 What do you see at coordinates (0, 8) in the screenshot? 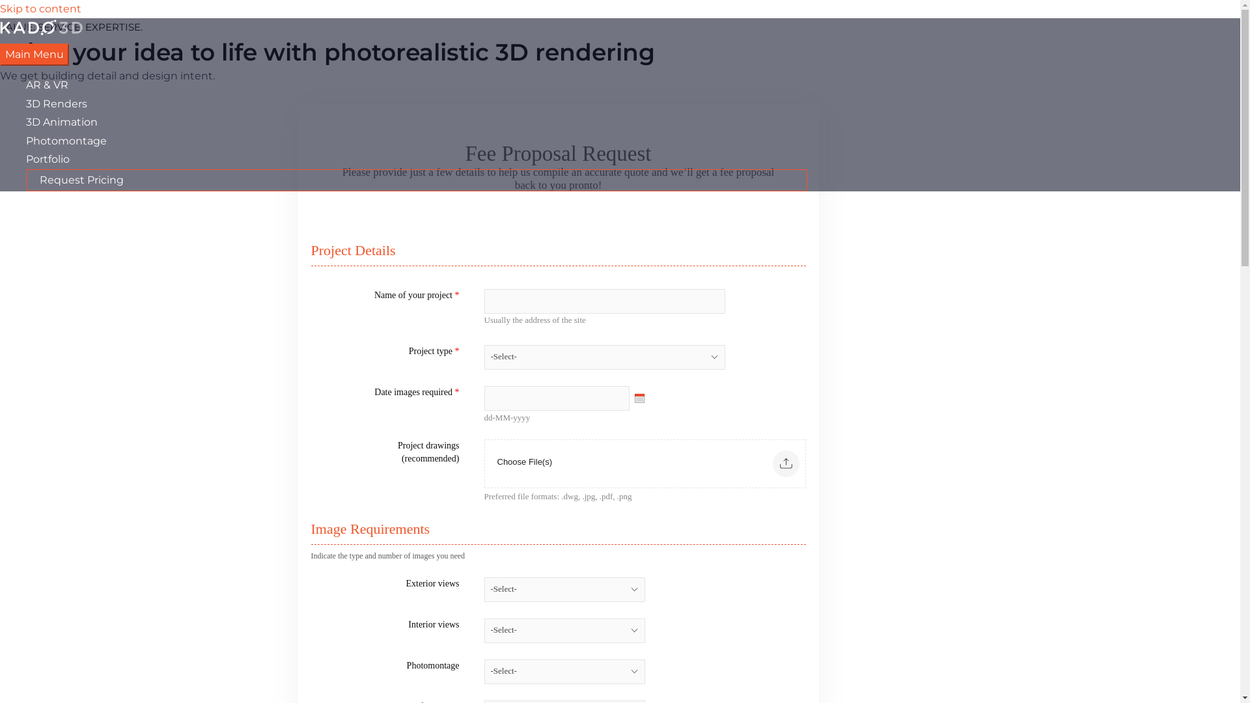
I see `'Skip to content'` at bounding box center [0, 8].